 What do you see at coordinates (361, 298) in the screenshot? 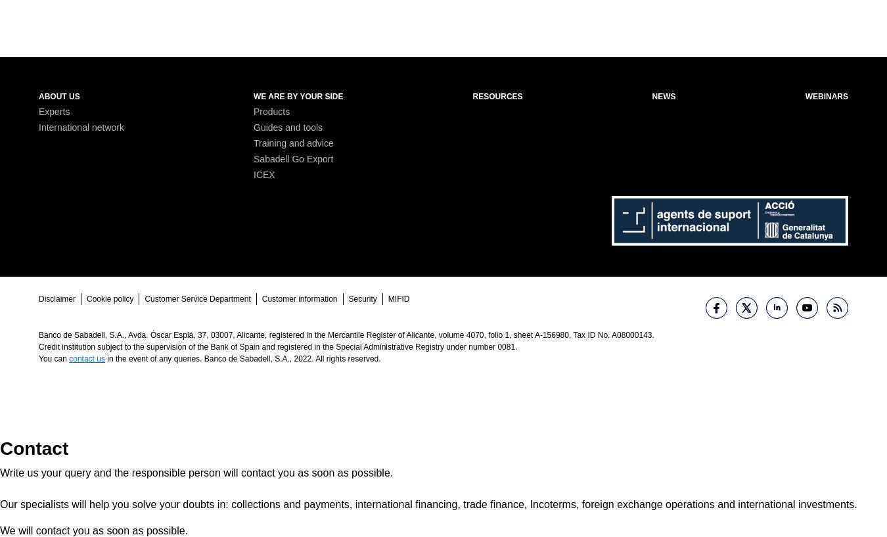
I see `'Security'` at bounding box center [361, 298].